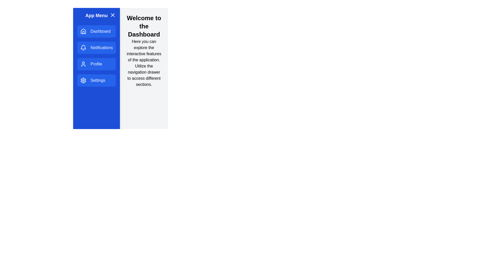  Describe the element at coordinates (113, 15) in the screenshot. I see `the 'X' icon located at the upper right corner of the 'App Menu' section` at that location.